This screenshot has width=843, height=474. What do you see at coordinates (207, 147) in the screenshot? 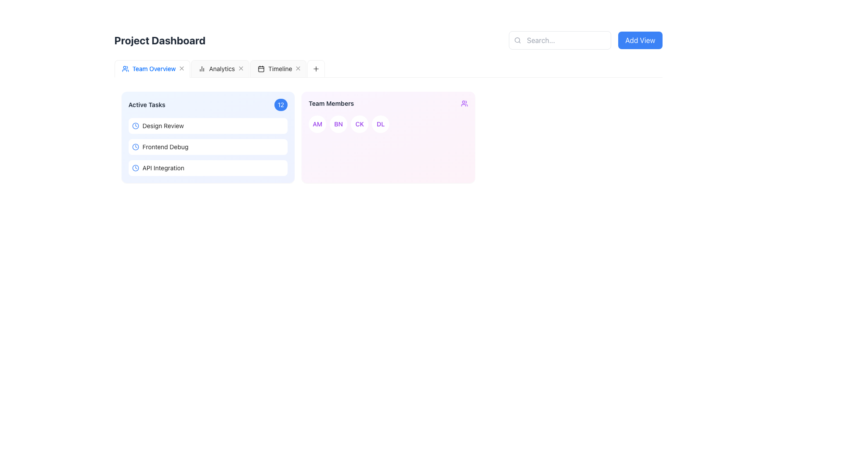
I see `the 'Frontend Debug' task card located` at bounding box center [207, 147].